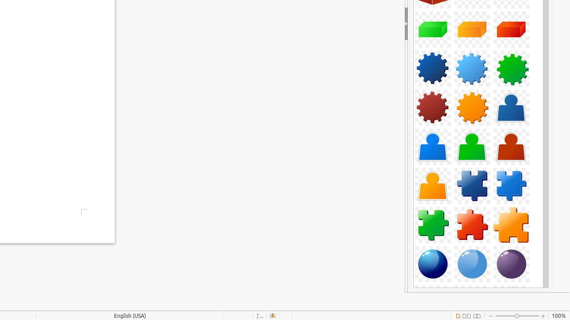 This screenshot has width=570, height=320. I want to click on 'Component-Person01-DarkBlue', so click(511, 107).